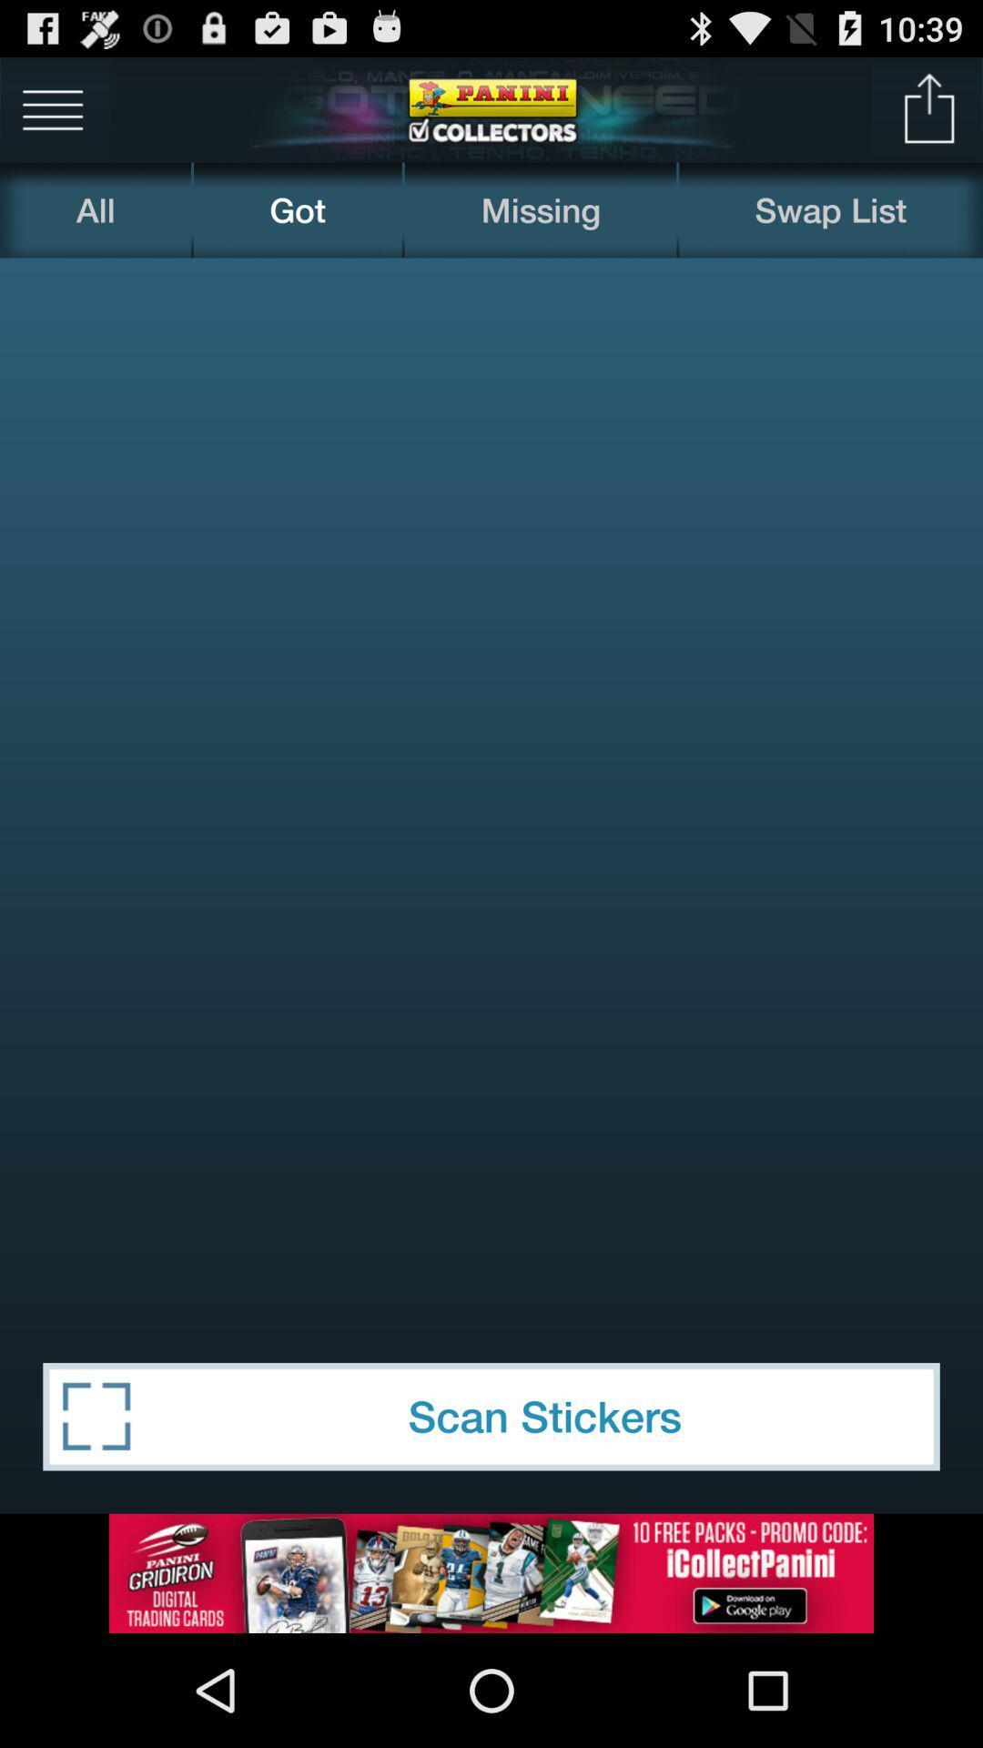 The height and width of the screenshot is (1748, 983). I want to click on the swap list item, so click(831, 209).